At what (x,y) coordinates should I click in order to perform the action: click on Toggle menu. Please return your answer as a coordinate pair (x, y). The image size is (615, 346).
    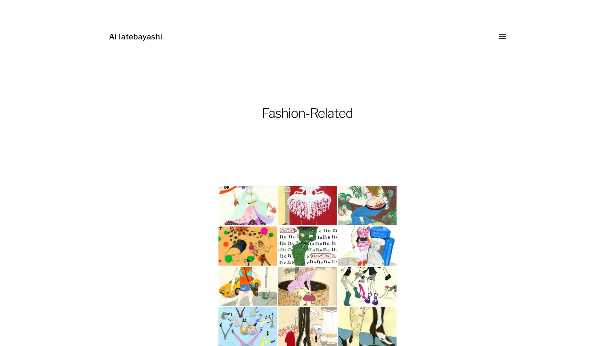
    Looking at the image, I should click on (498, 37).